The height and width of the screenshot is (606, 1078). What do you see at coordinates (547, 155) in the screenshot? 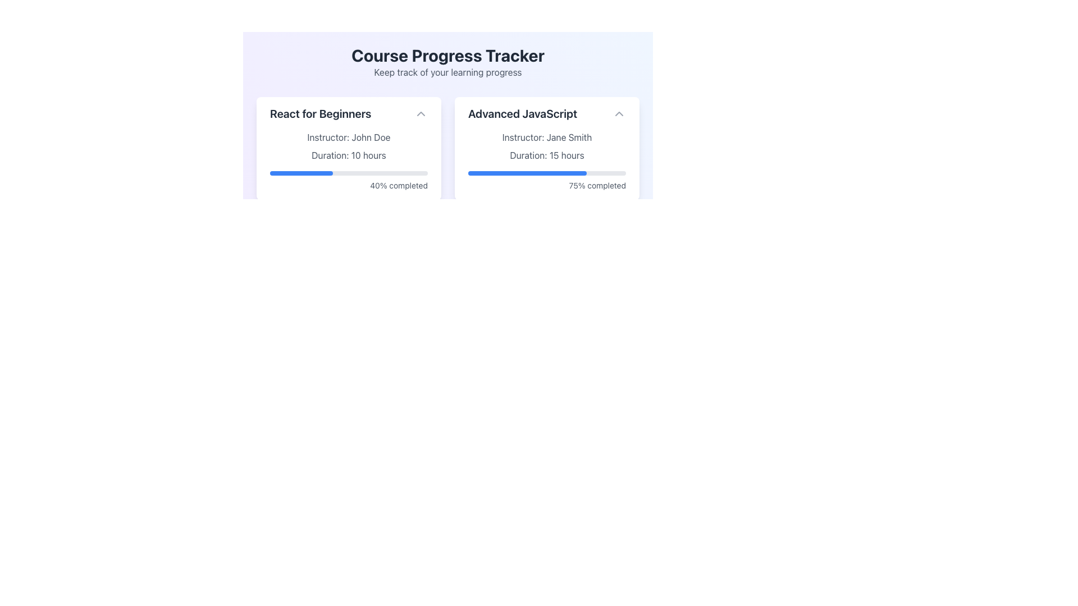
I see `information displayed in the text label that indicates 'Duration: 15 hours' within the structured information card for 'Advanced JavaScript'` at bounding box center [547, 155].